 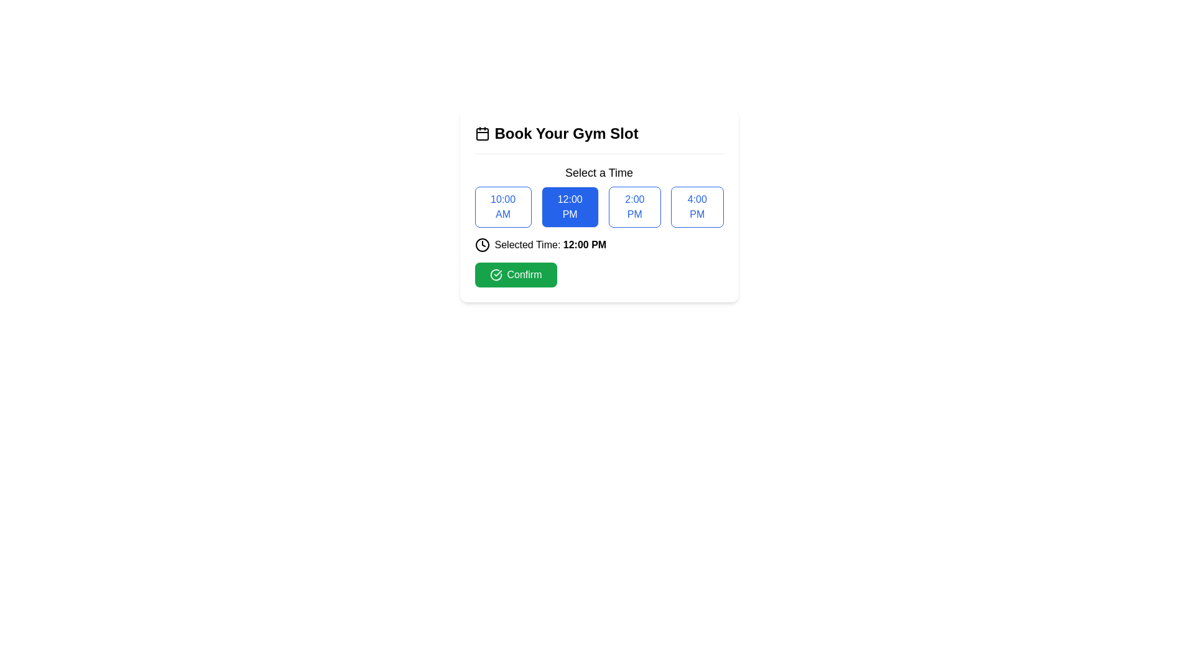 I want to click on the '10:00 AM' button, which is a rectangular button with rounded corners, containing blue text and a blue border, located at the far left of the time slot buttons under the 'Select a Time' header, so click(x=503, y=206).